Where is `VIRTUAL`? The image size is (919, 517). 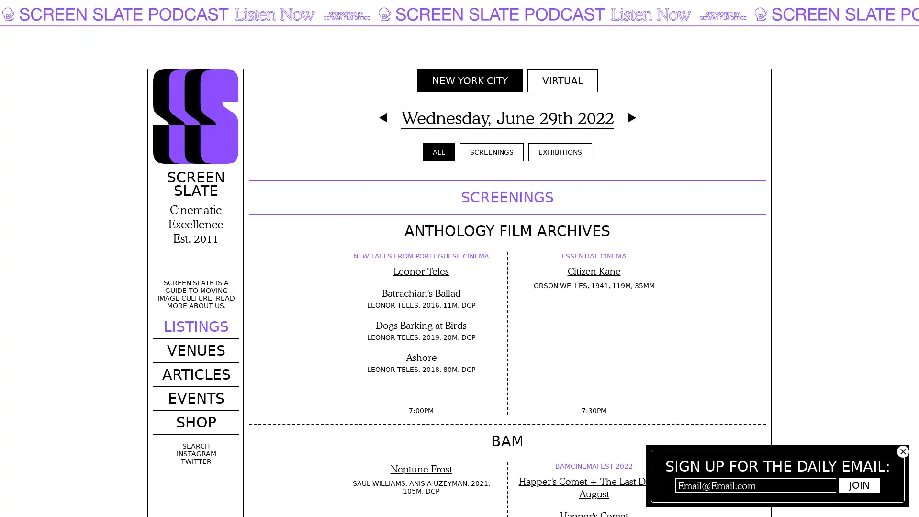
VIRTUAL is located at coordinates (562, 80).